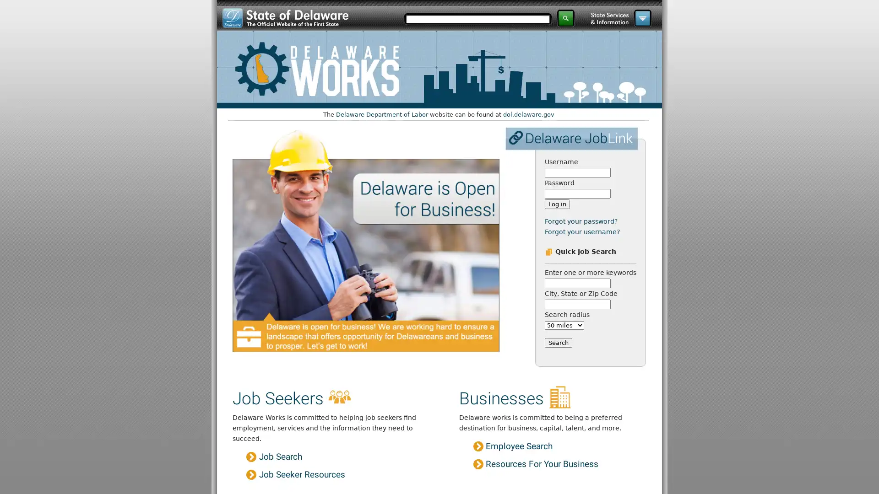 The width and height of the screenshot is (879, 494). I want to click on Log in, so click(556, 204).